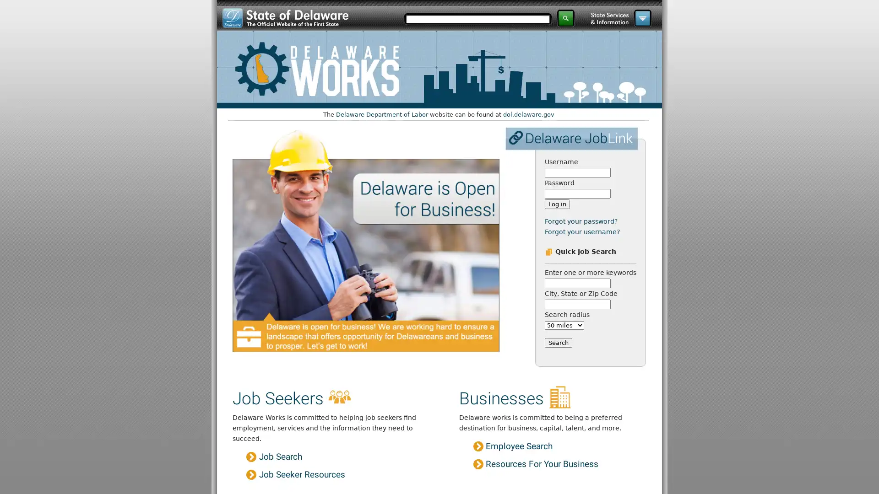 The width and height of the screenshot is (879, 494). I want to click on Log in, so click(556, 204).